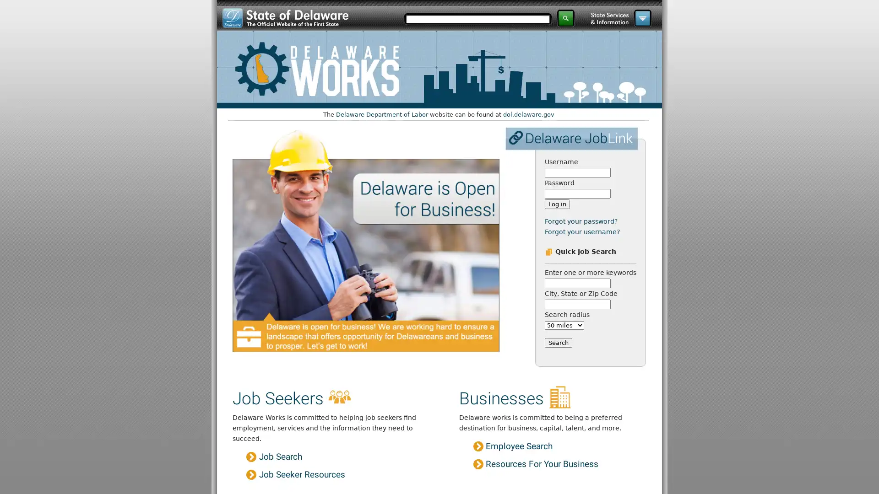 The width and height of the screenshot is (879, 494). I want to click on Log in, so click(556, 204).